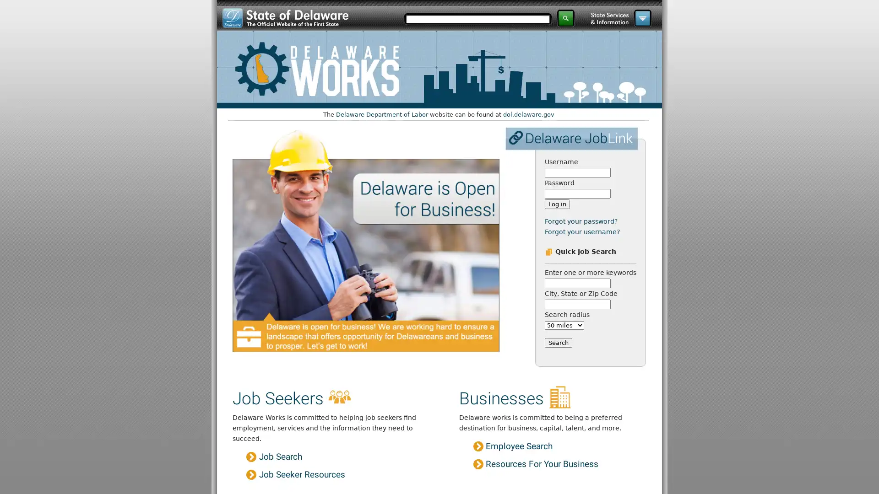 The width and height of the screenshot is (879, 494). I want to click on Log in, so click(556, 204).